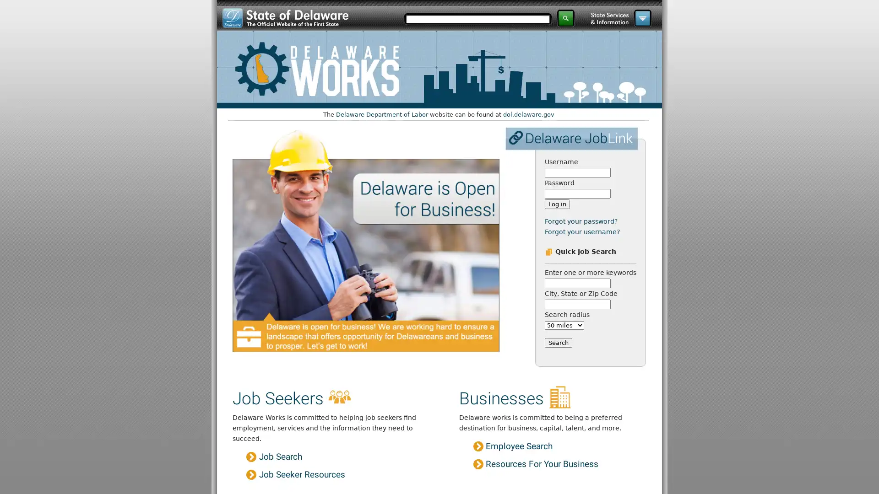 The width and height of the screenshot is (879, 494). I want to click on Log in, so click(556, 204).